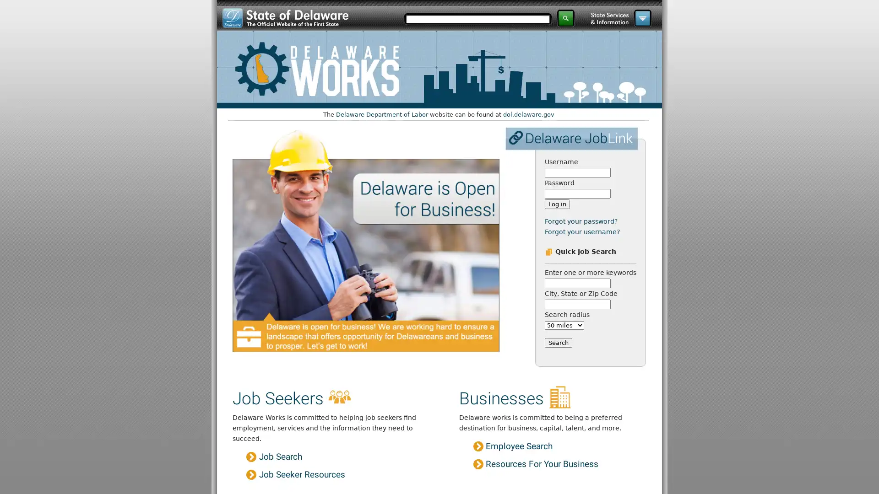 The width and height of the screenshot is (879, 494). I want to click on Log in, so click(556, 204).